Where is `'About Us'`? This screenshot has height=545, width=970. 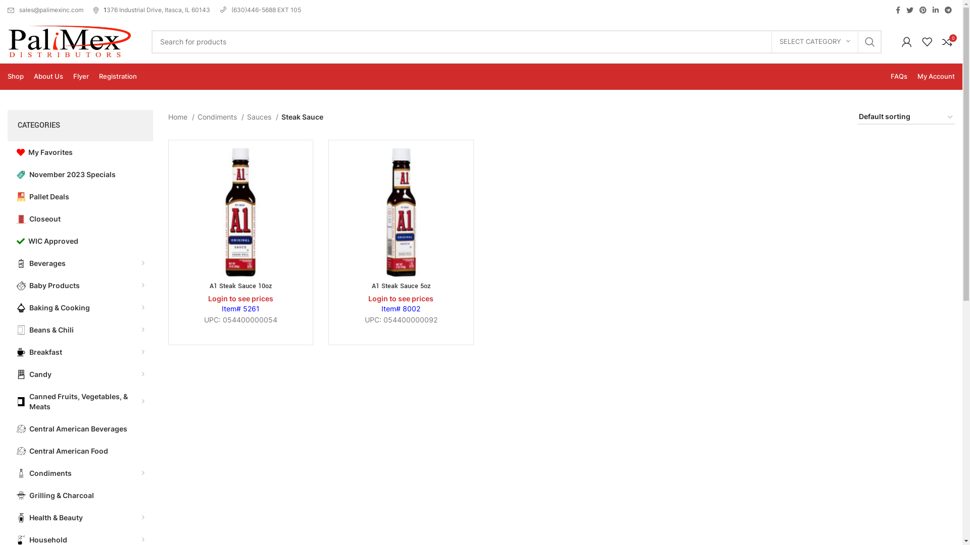
'About Us' is located at coordinates (34, 76).